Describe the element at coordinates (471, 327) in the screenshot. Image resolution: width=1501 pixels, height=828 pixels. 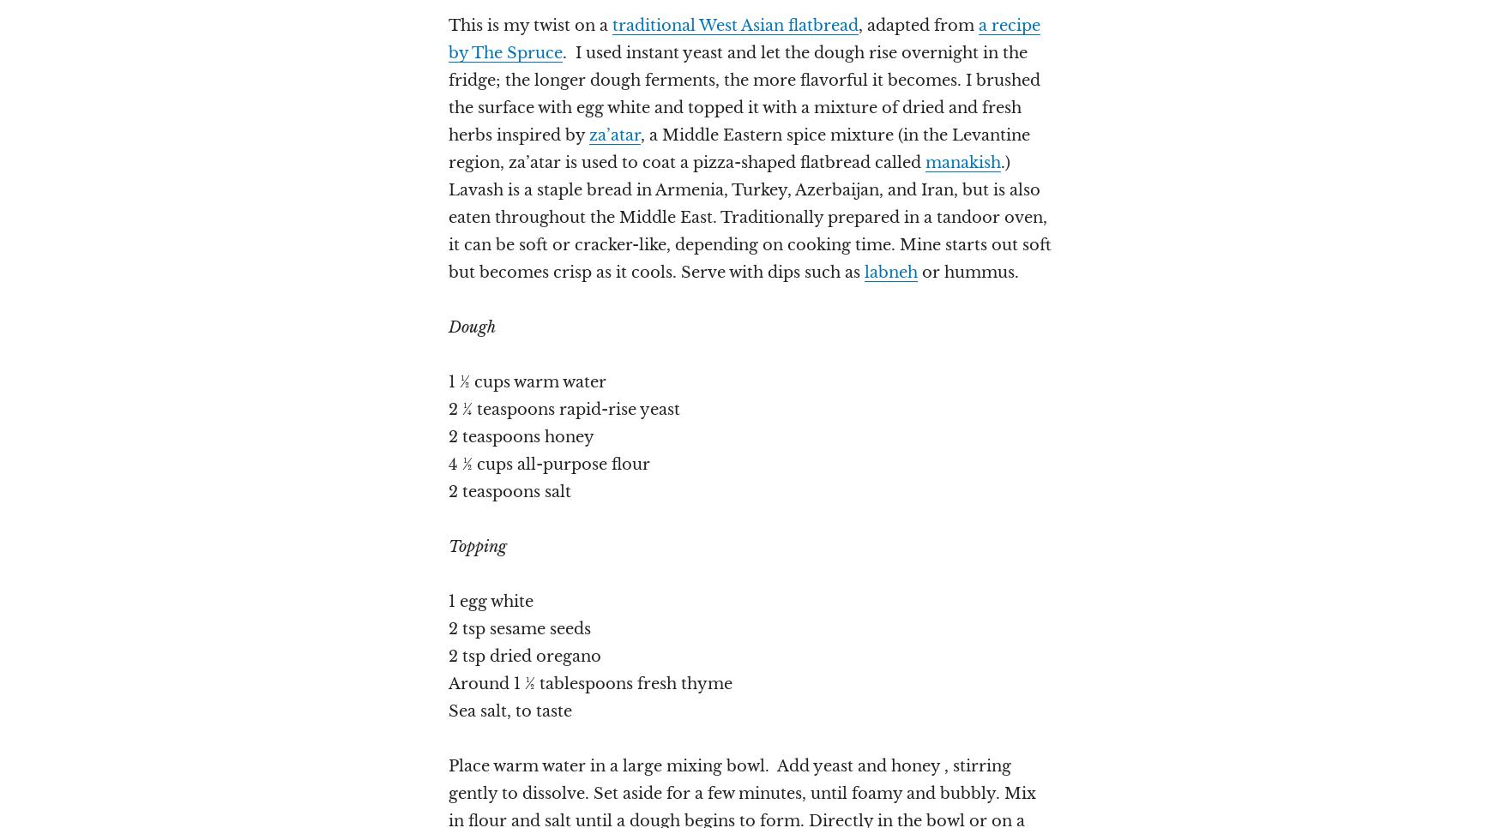
I see `'Dough'` at that location.